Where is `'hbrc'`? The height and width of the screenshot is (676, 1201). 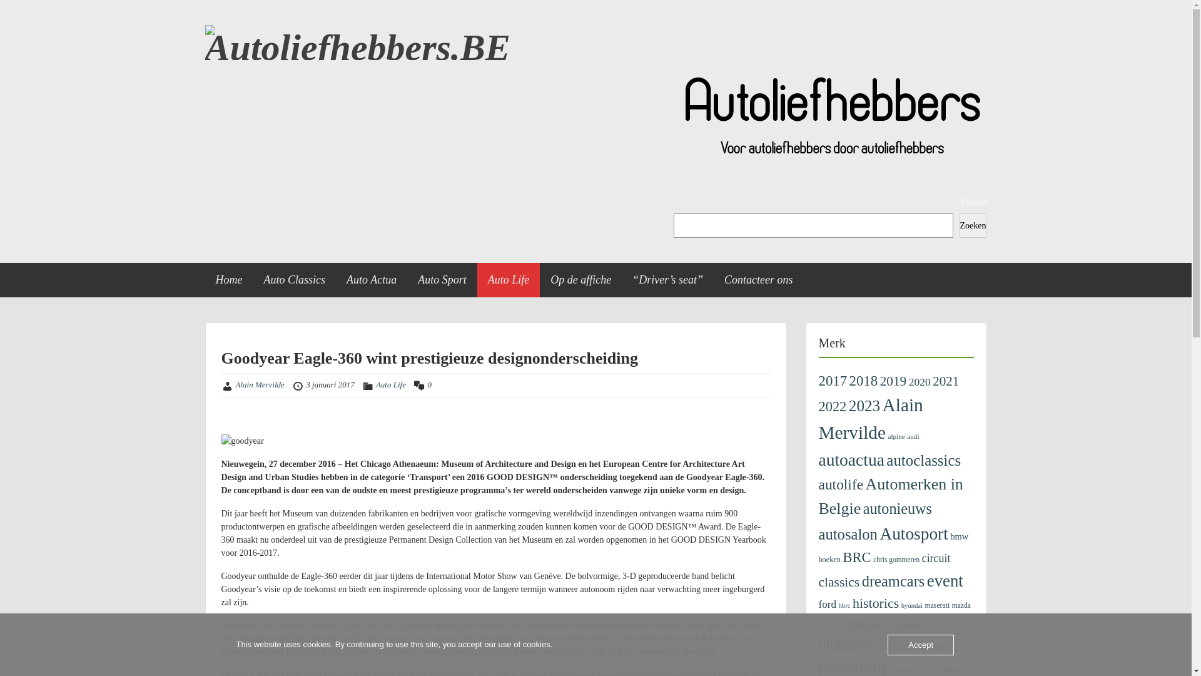
'hbrc' is located at coordinates (838, 605).